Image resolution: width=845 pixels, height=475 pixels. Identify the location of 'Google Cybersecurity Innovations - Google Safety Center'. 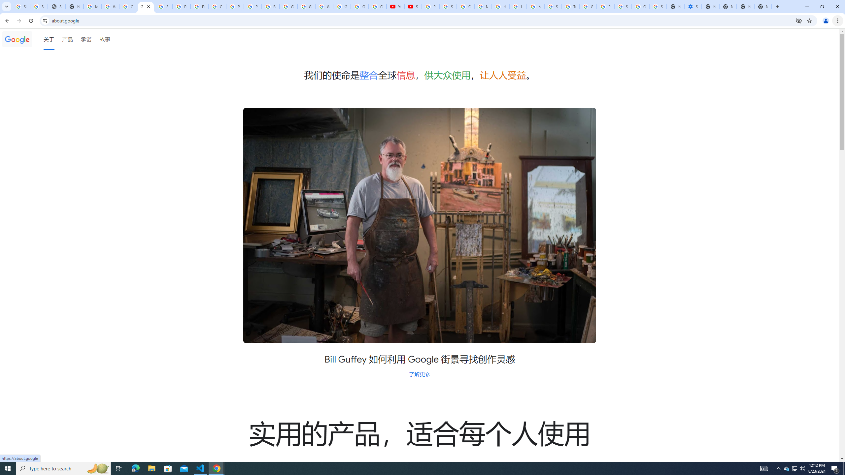
(640, 6).